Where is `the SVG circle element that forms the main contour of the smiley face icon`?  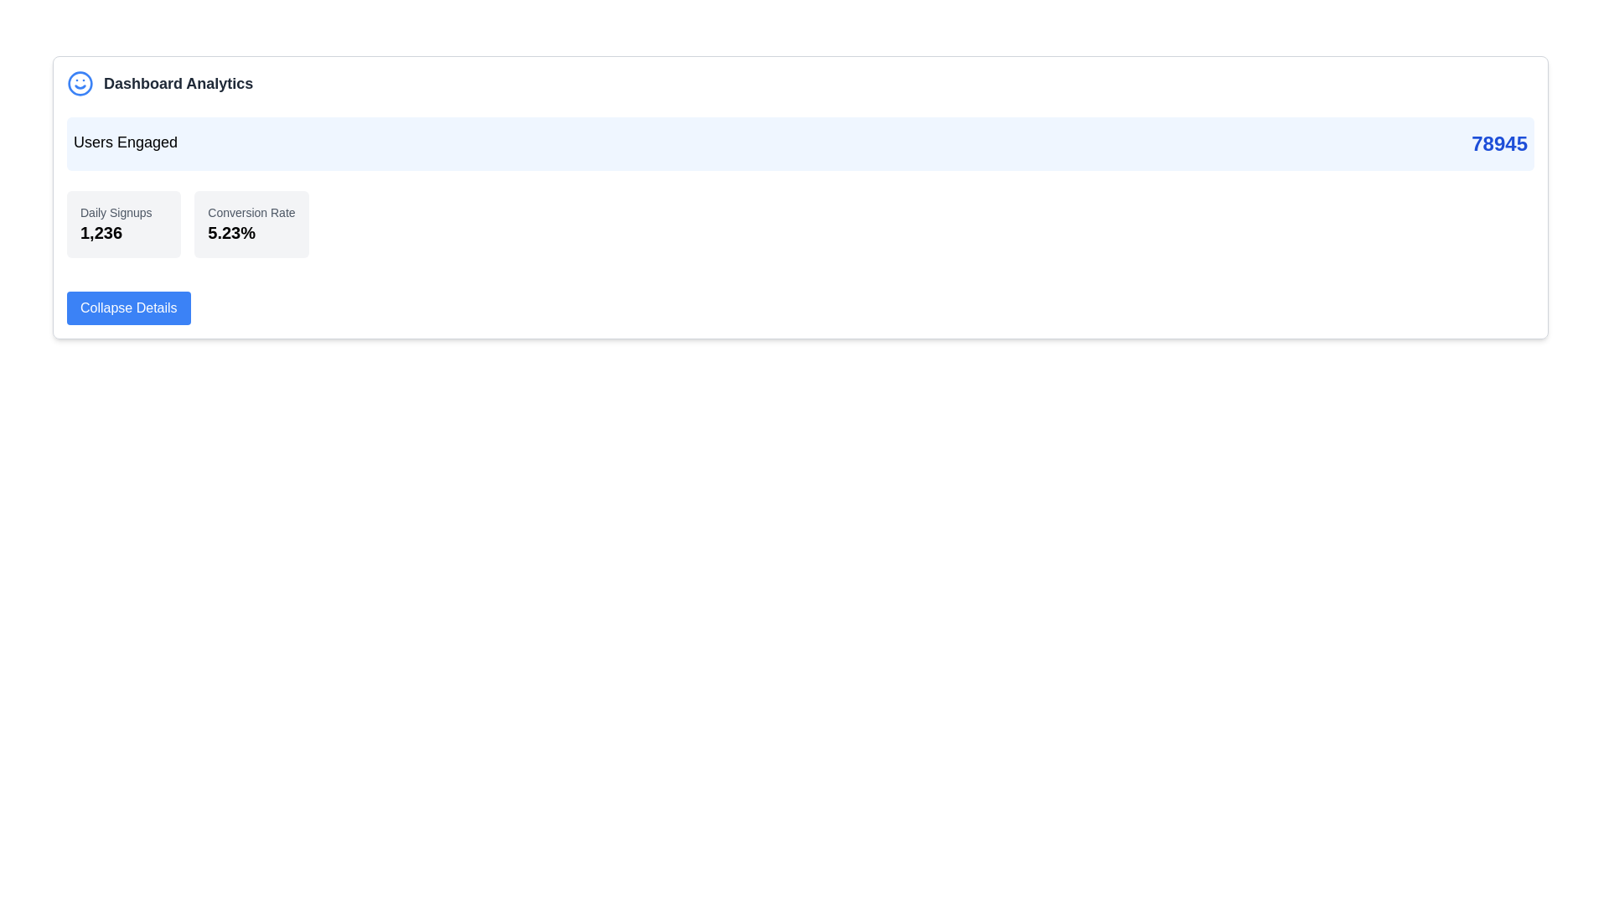 the SVG circle element that forms the main contour of the smiley face icon is located at coordinates (80, 84).